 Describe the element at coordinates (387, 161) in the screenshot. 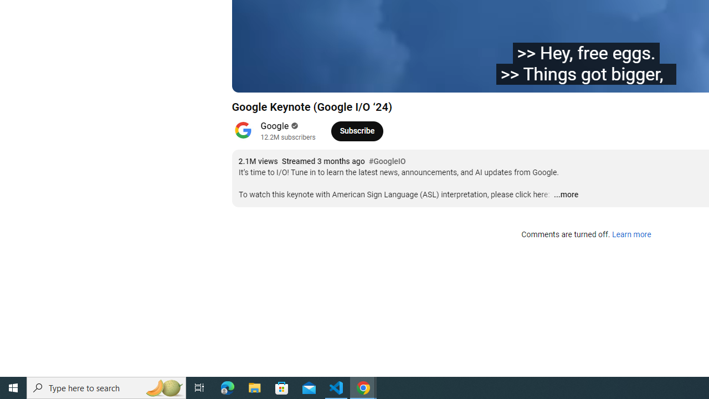

I see `'#GoogleIO'` at that location.